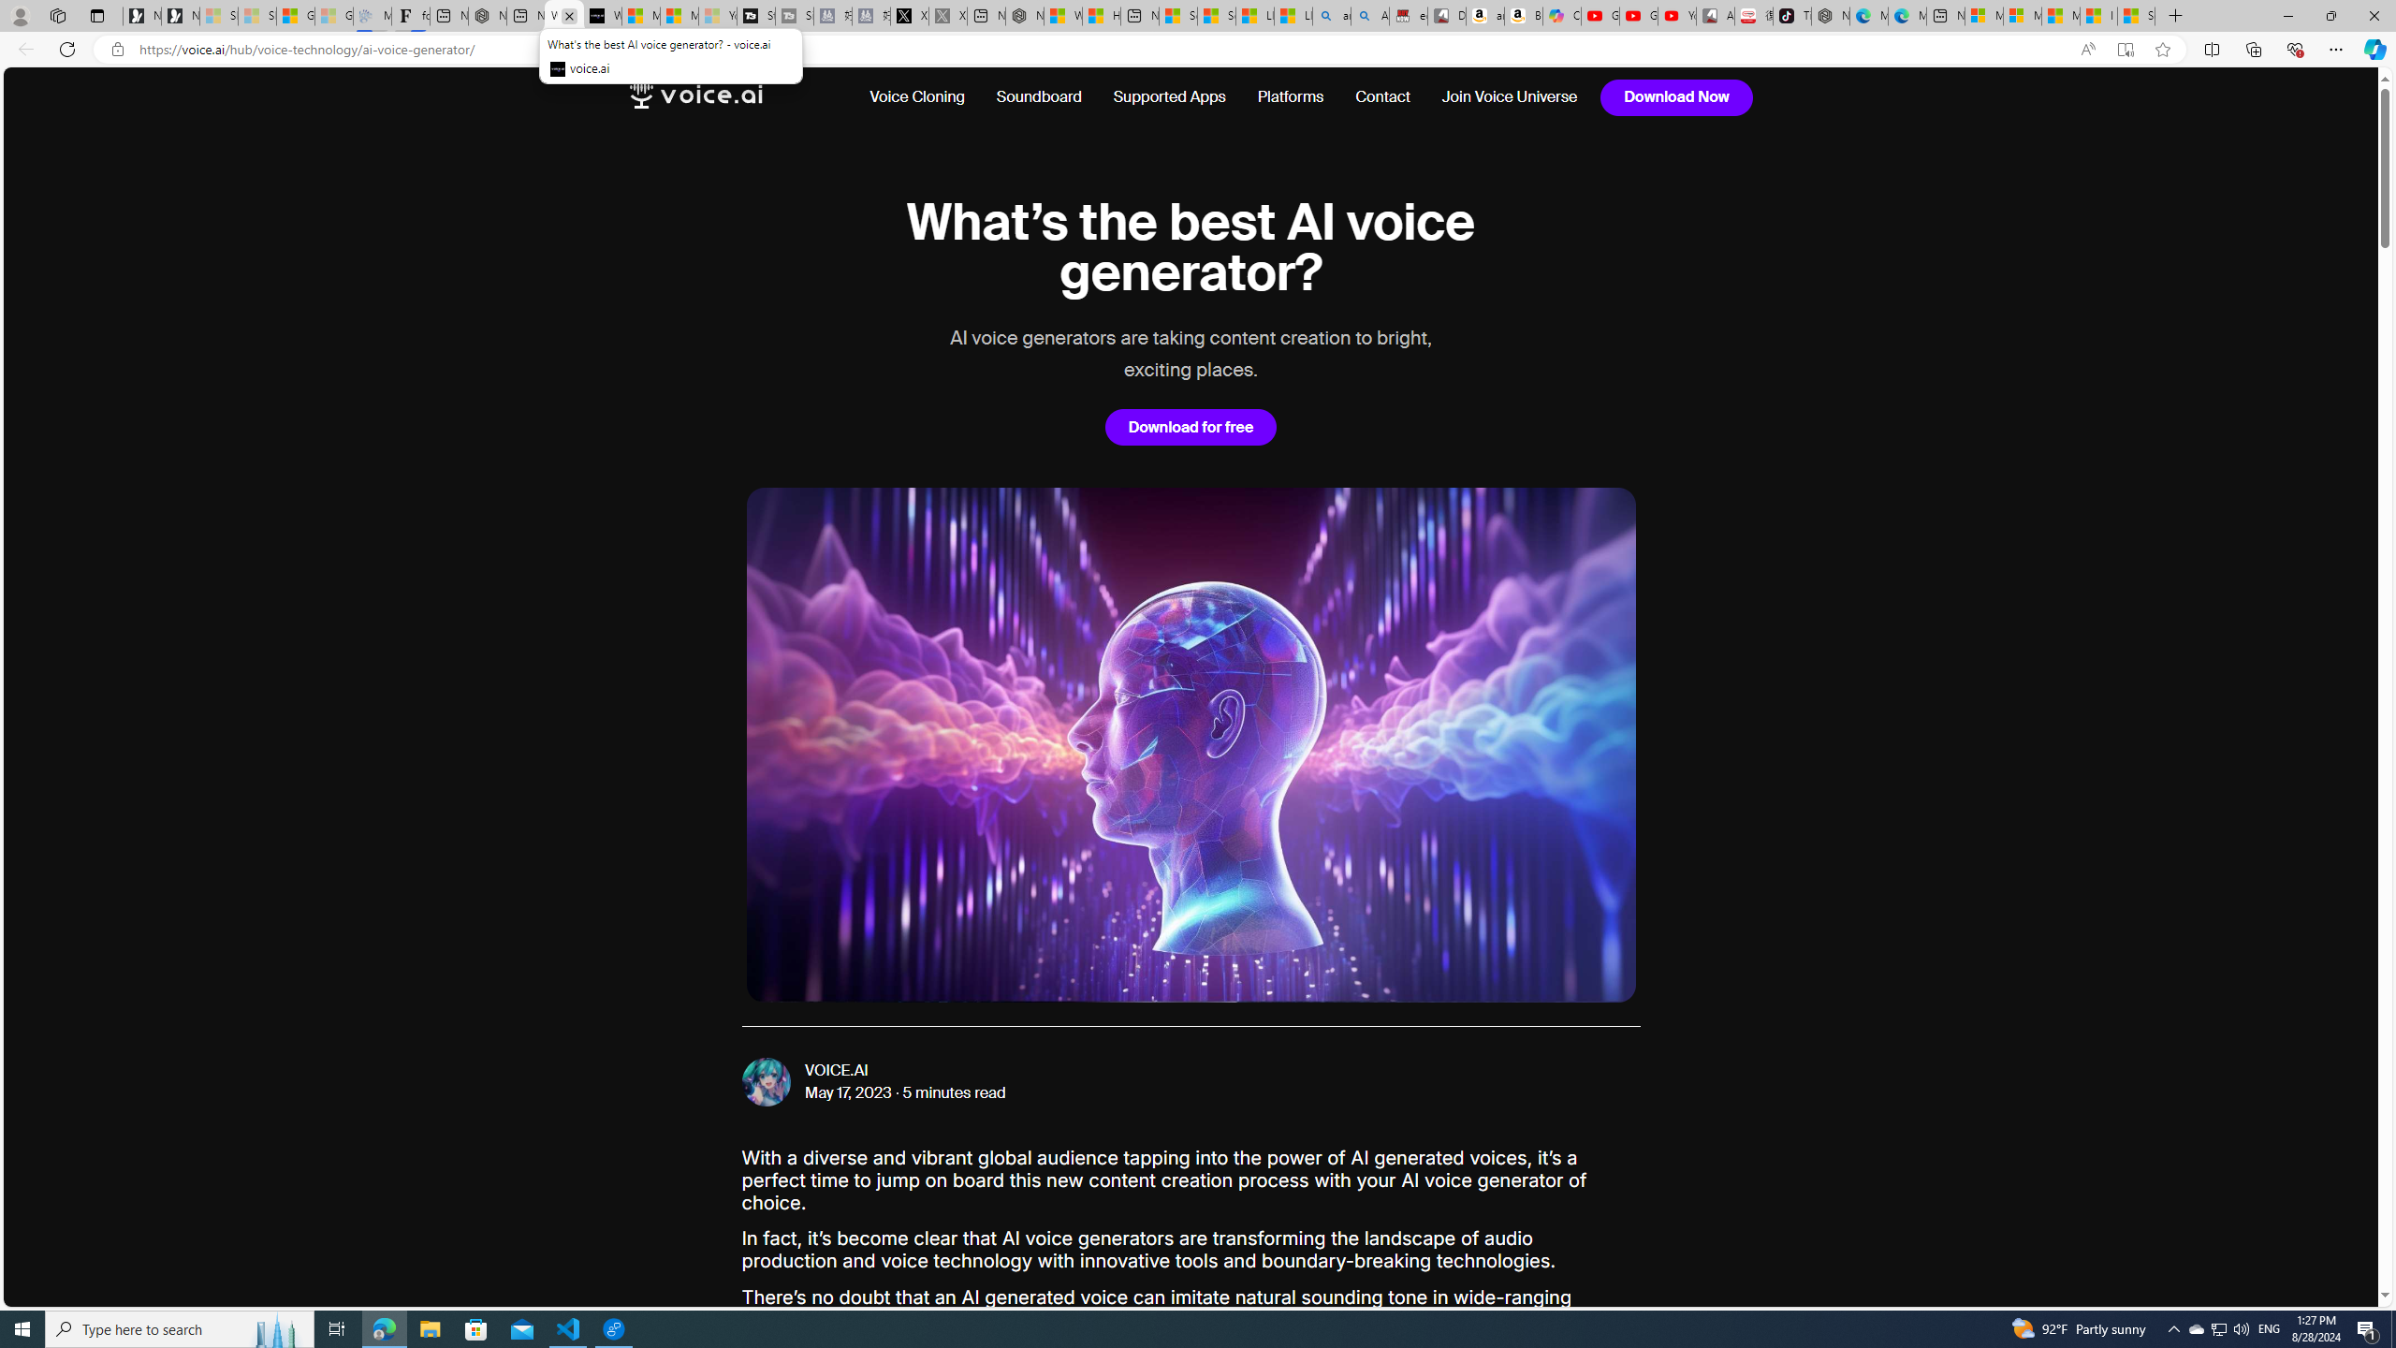 This screenshot has height=1348, width=2396. I want to click on 'Download for free', so click(1190, 426).